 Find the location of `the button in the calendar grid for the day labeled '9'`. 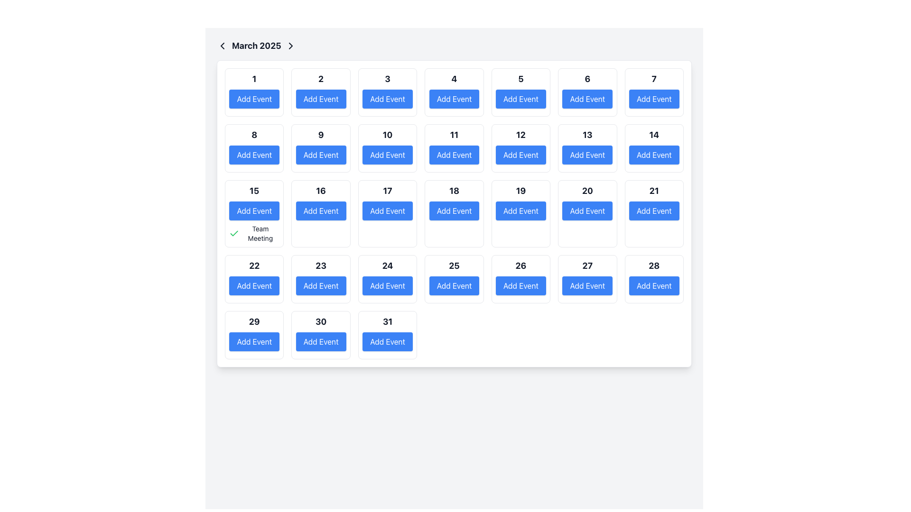

the button in the calendar grid for the day labeled '9' is located at coordinates (321, 155).